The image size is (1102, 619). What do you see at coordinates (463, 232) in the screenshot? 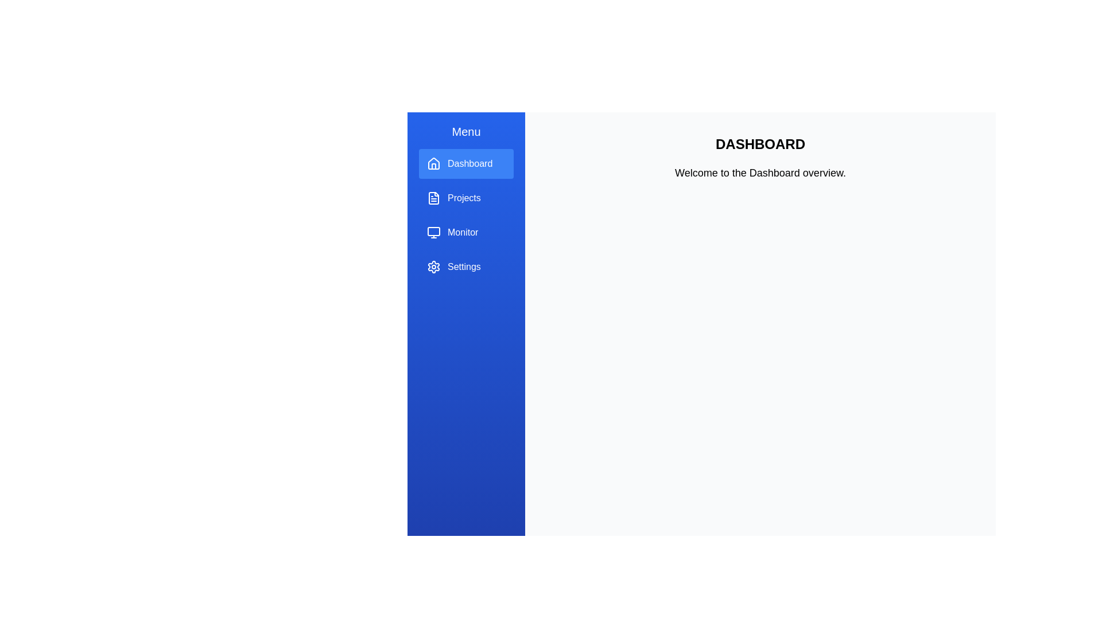
I see `the text element labeled 'Monitor' which is the third item in the vertical menu list, located to the right of a small monitor icon` at bounding box center [463, 232].